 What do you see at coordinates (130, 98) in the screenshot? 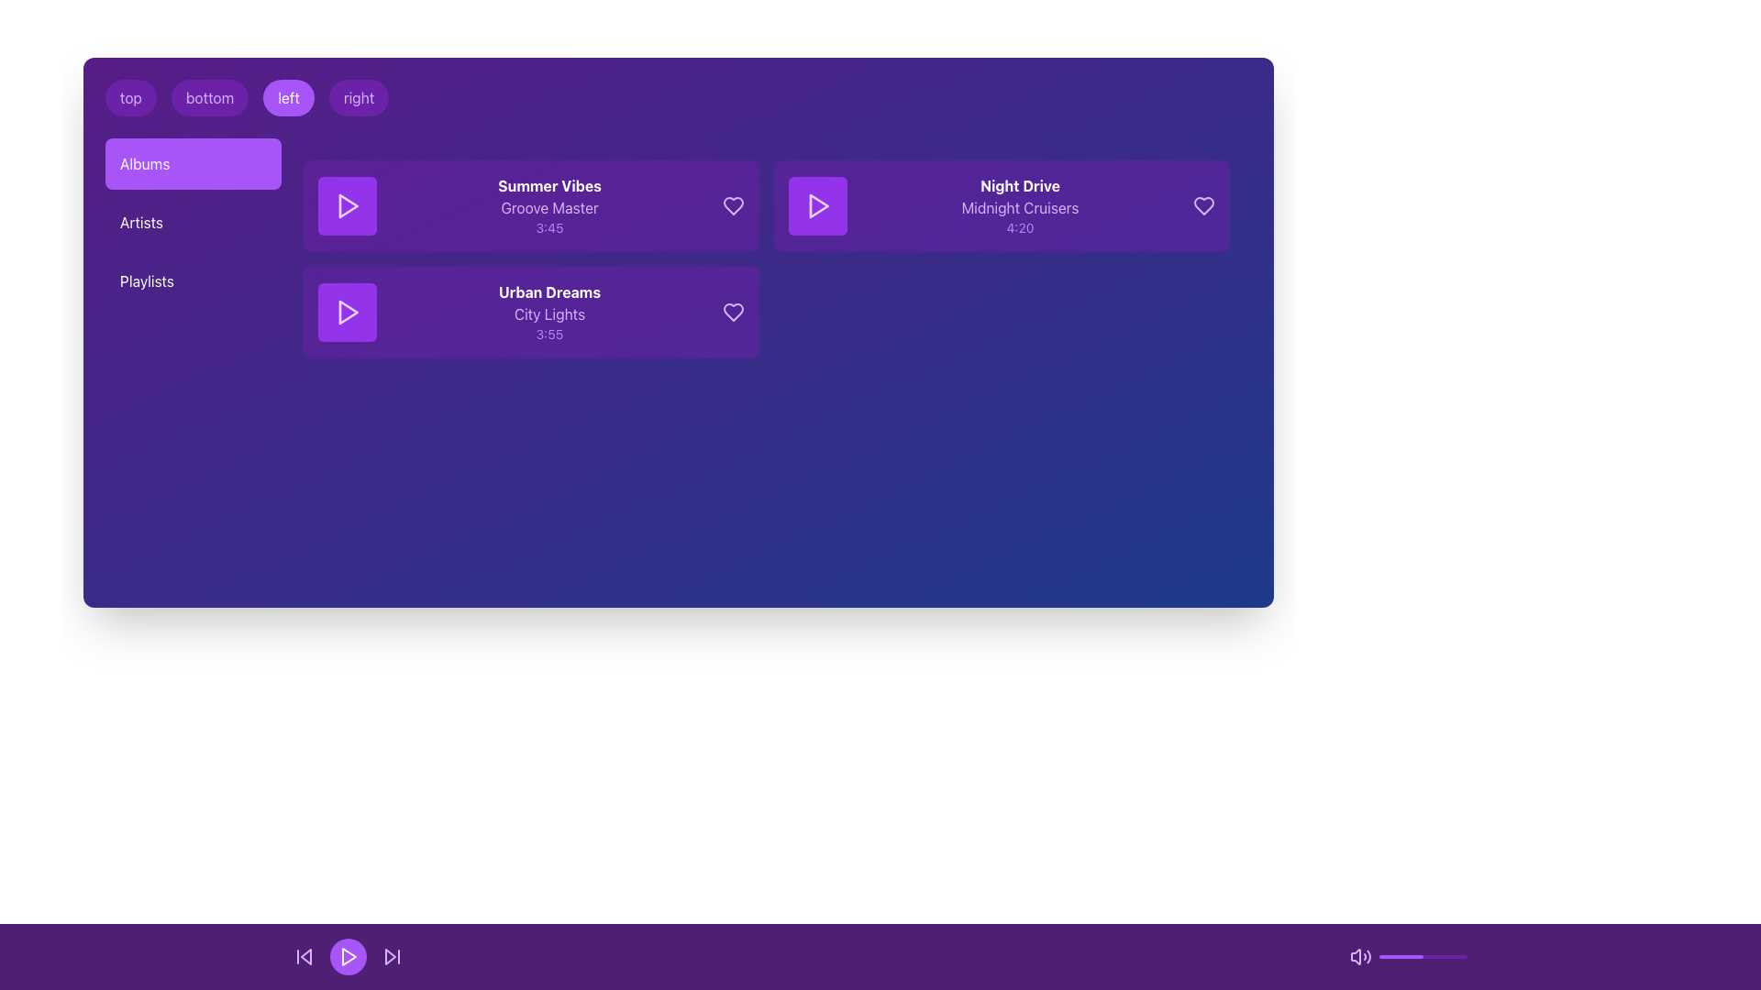
I see `the 'top' button located at the top-left corner of the purple section` at bounding box center [130, 98].